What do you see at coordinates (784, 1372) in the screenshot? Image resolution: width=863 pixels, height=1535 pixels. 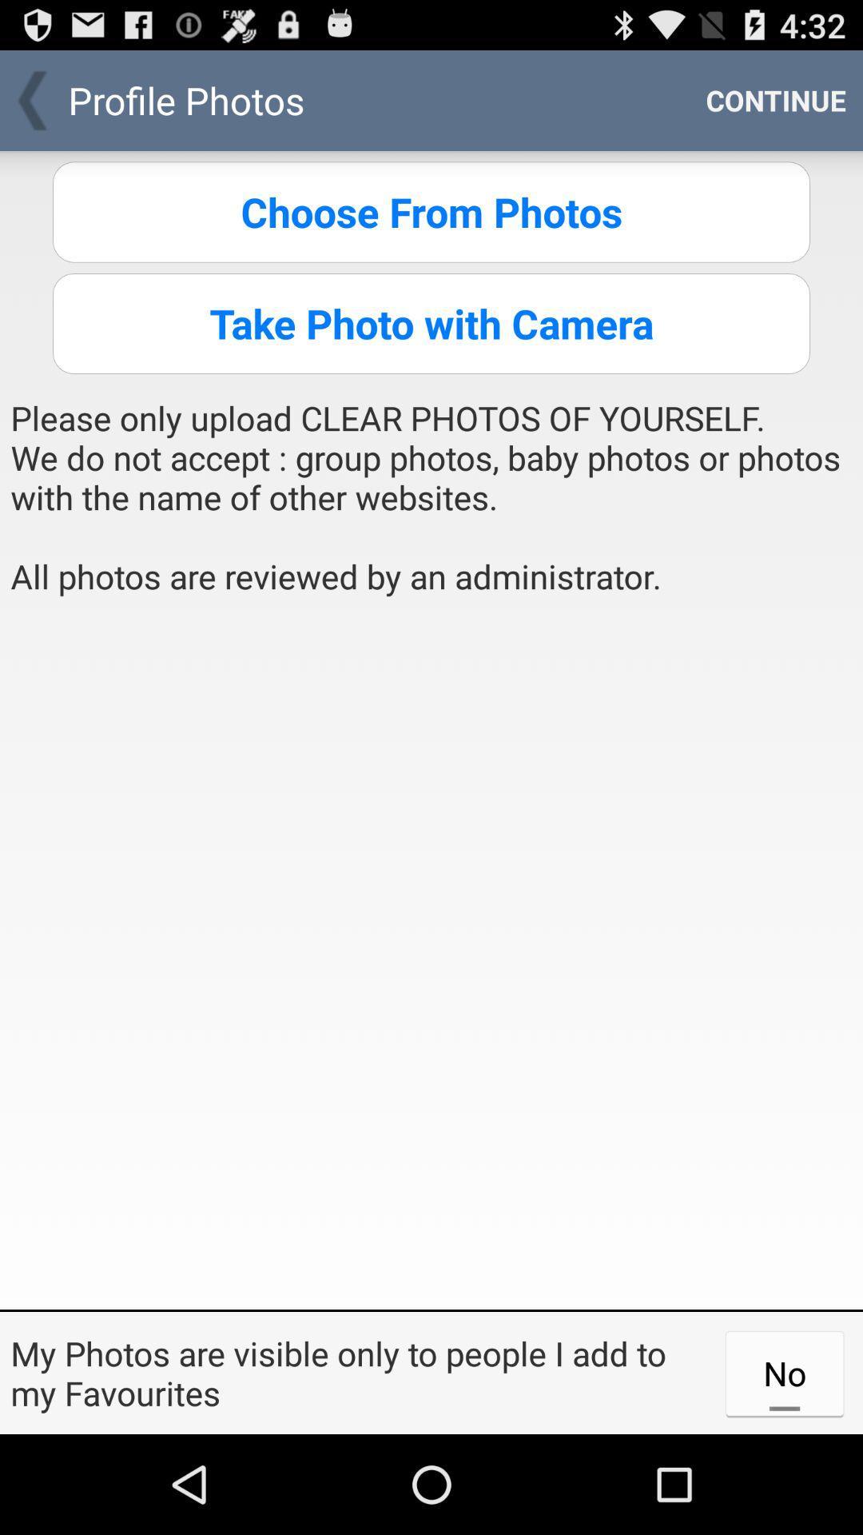 I see `item at the bottom right corner` at bounding box center [784, 1372].